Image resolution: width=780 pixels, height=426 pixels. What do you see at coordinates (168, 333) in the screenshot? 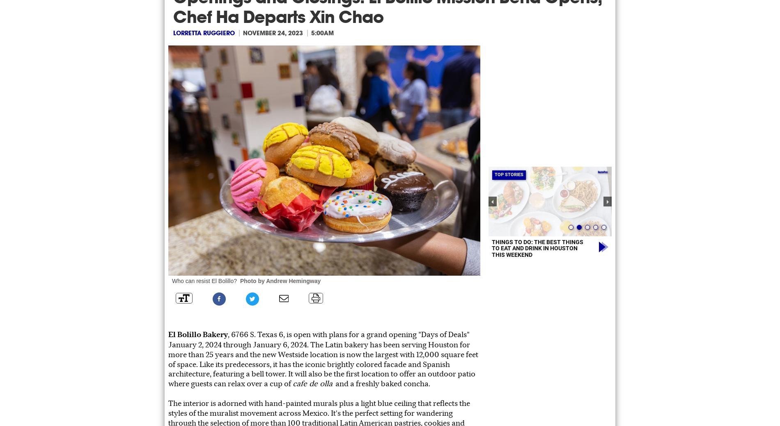
I see `'El Bolillo Bakery'` at bounding box center [168, 333].